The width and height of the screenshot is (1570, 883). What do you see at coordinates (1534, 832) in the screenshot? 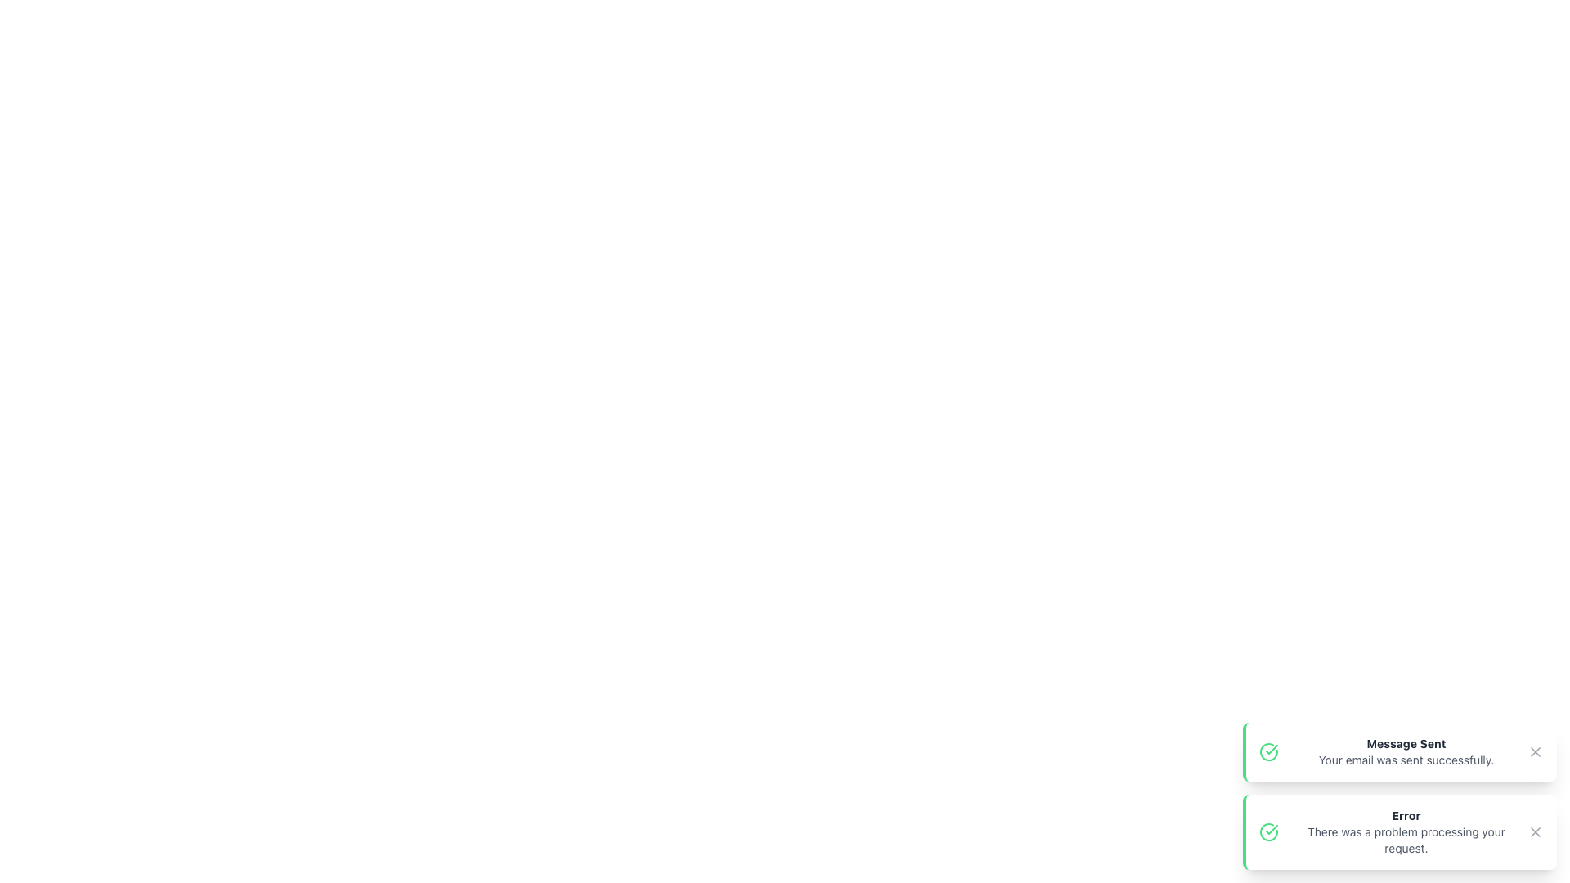
I see `the close button located at the far-right corner of the bottom notification box labeled 'Error'` at bounding box center [1534, 832].